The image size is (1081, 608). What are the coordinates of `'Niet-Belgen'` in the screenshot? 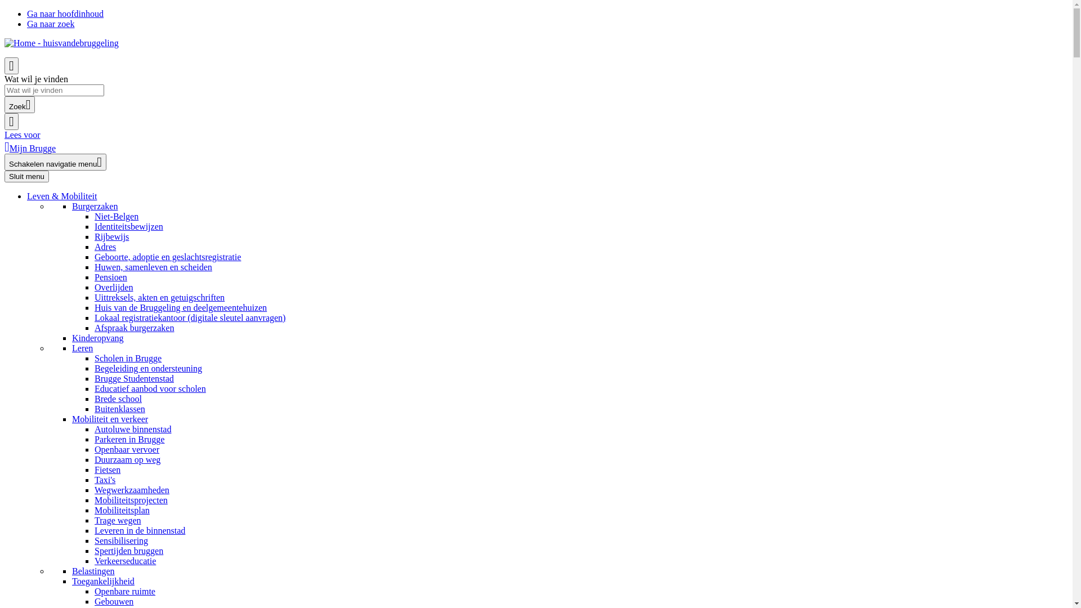 It's located at (116, 216).